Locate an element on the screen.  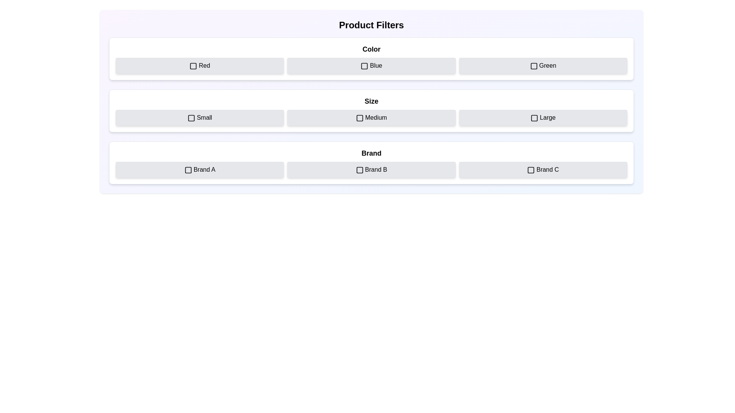
the 'Red' checkbox button with a light gray background is located at coordinates (200, 65).